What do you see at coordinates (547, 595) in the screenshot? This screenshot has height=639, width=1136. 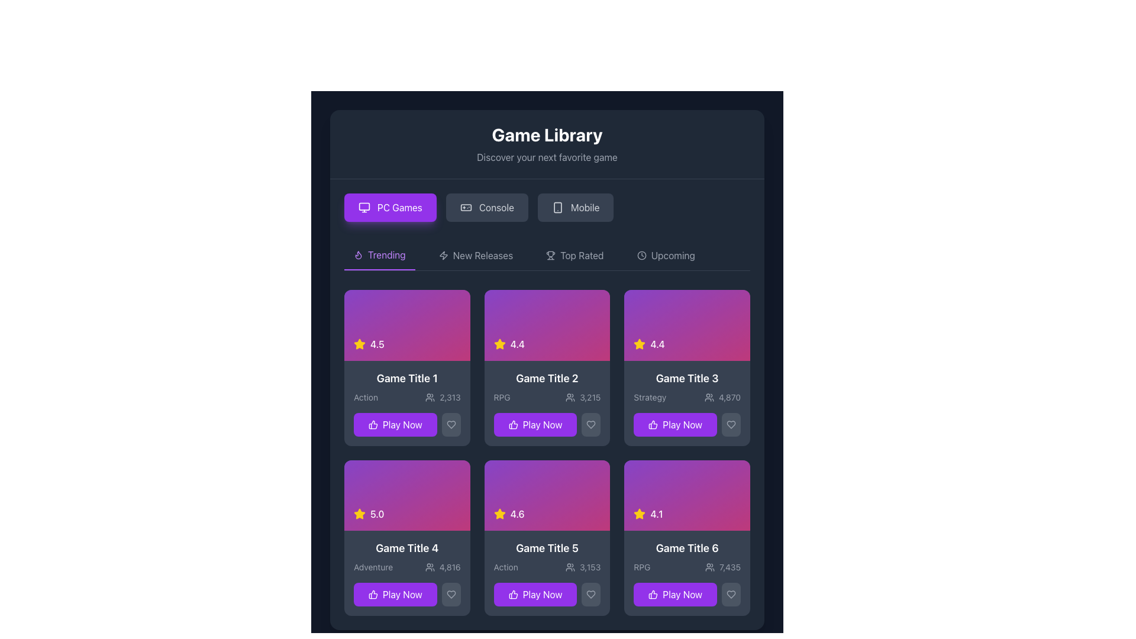 I see `the 'Play Now' button with a purple background located at the bottom of the fifth game card titled 'Game Title 5' for keyboard interactions` at bounding box center [547, 595].